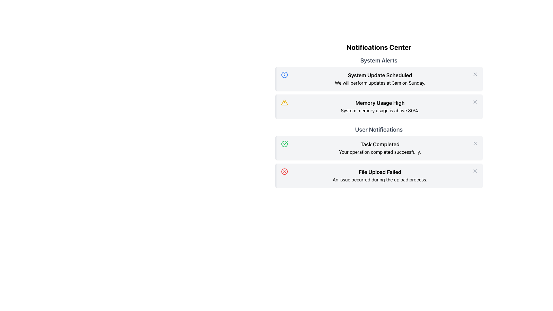 This screenshot has height=311, width=553. Describe the element at coordinates (379, 79) in the screenshot. I see `notification titled 'System Update Scheduled' in the Notification Card, which includes details about updates scheduled at 3am on Sunday` at that location.